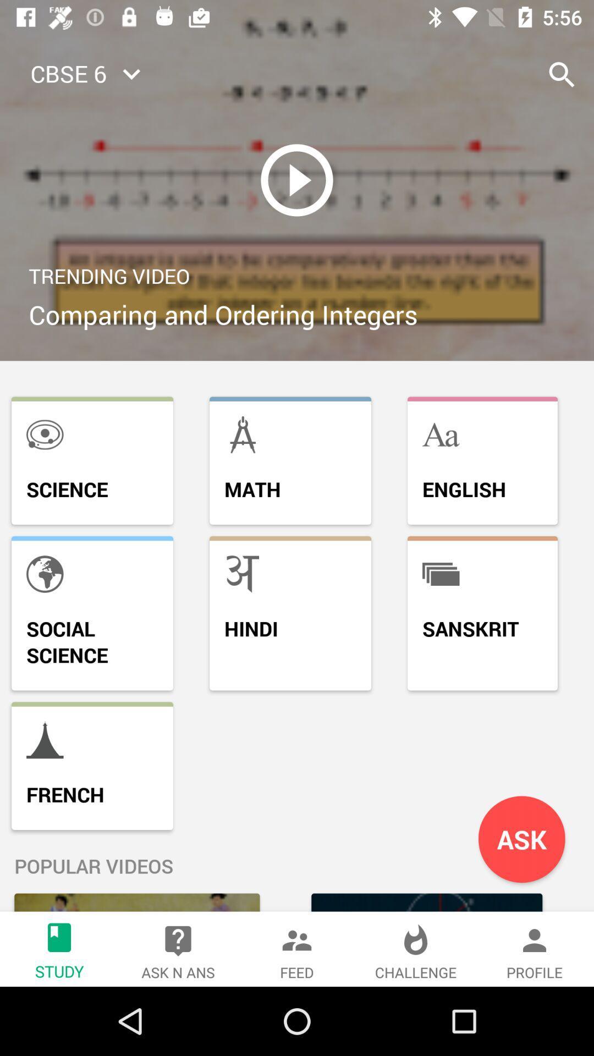 Image resolution: width=594 pixels, height=1056 pixels. I want to click on the play icon, so click(297, 180).